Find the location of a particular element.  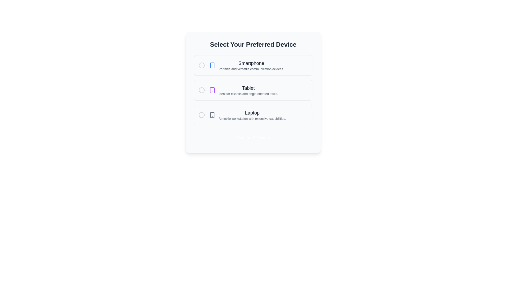

the smartphone icon, which is a modern designed icon with a blue outline and a home button, located to the left of the 'Smartphone' text in the first row of the list is located at coordinates (212, 65).